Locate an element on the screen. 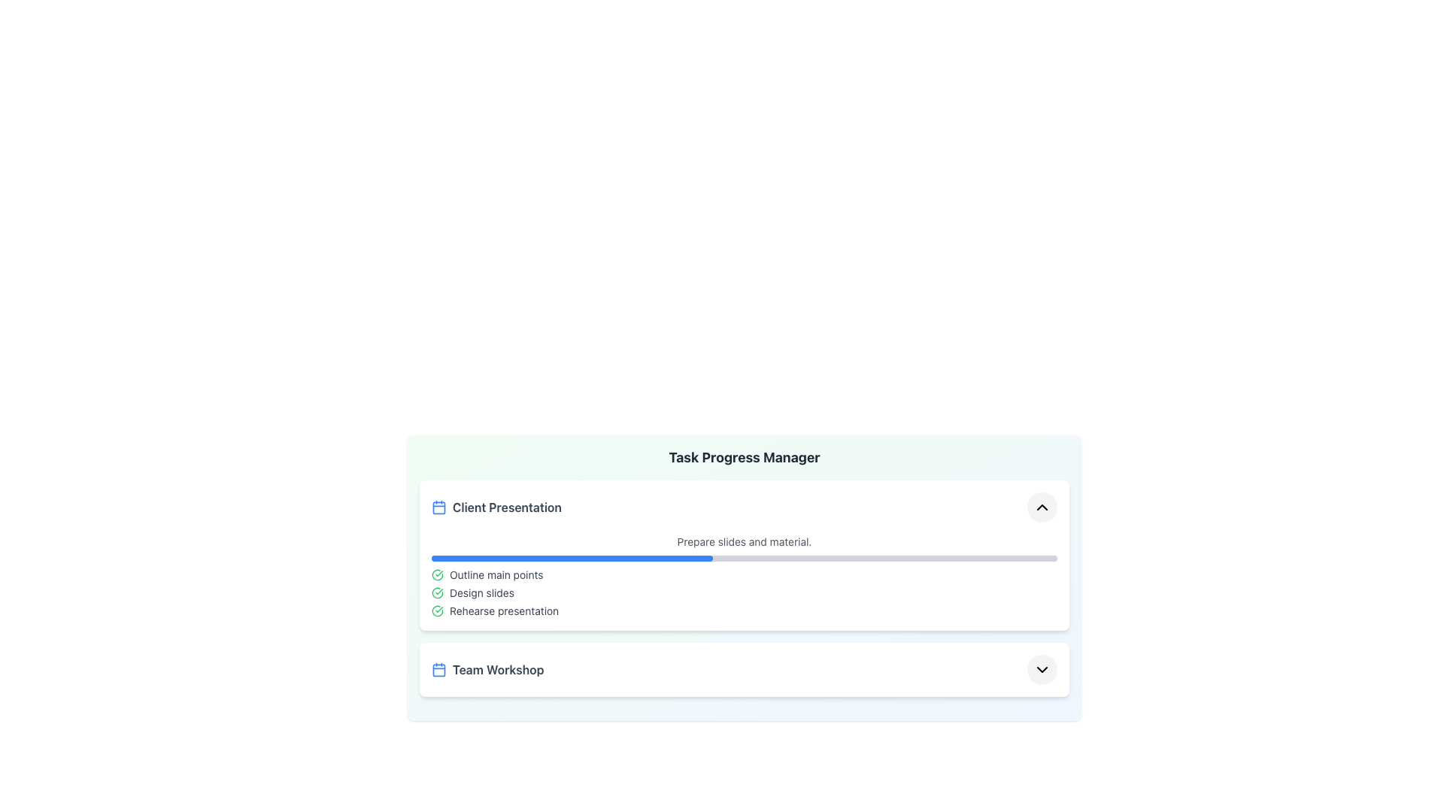  the chevron button located at the right end of the 'Team Workshop' section is located at coordinates (1042, 669).